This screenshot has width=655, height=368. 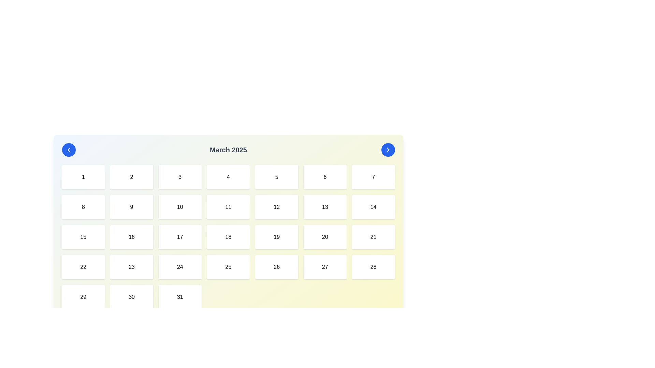 What do you see at coordinates (180, 296) in the screenshot?
I see `the square-shaped tile button displaying '31' in a calendar-like interface` at bounding box center [180, 296].